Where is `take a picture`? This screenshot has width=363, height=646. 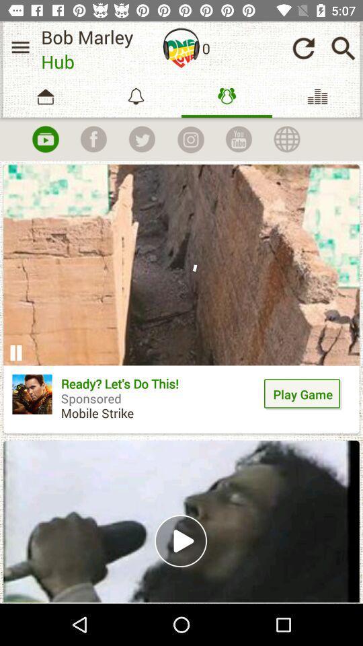 take a picture is located at coordinates (190, 139).